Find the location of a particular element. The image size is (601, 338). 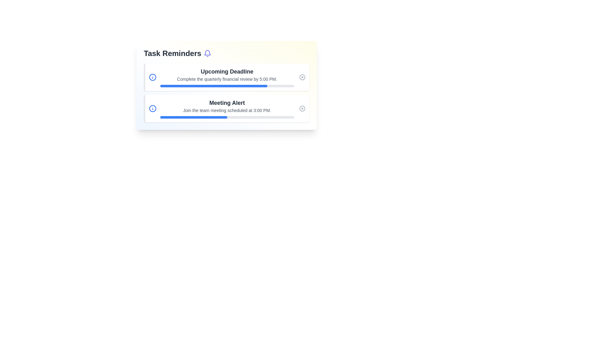

the progress bar of Upcoming Deadline to view its progress is located at coordinates (227, 86).